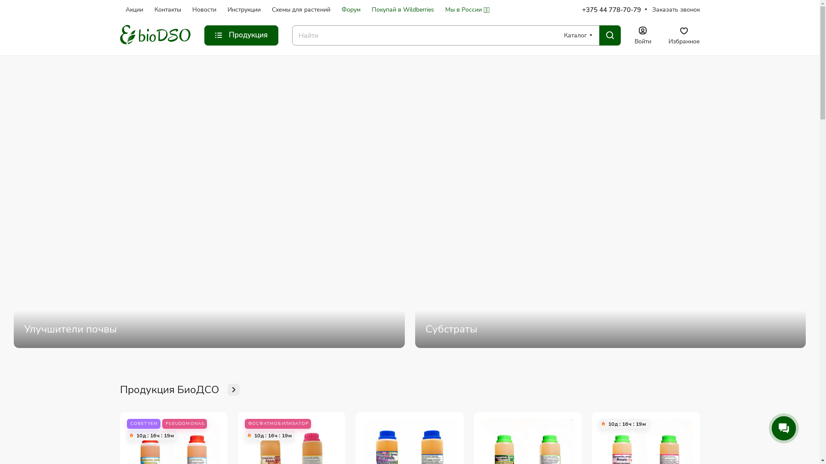 The width and height of the screenshot is (826, 464). Describe the element at coordinates (610, 10) in the screenshot. I see `'+375 44 778-70-79'` at that location.